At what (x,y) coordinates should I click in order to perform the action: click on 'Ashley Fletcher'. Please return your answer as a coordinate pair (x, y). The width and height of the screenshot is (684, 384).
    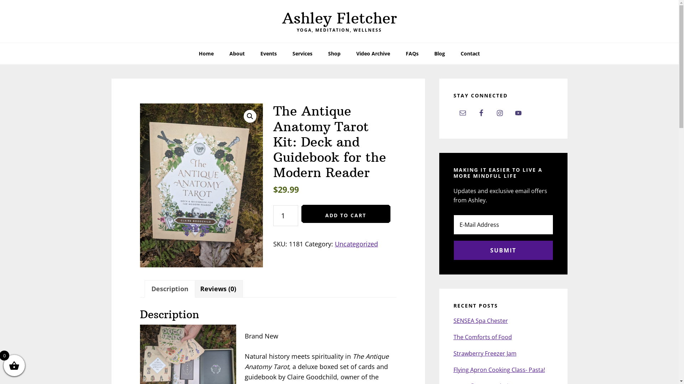
    Looking at the image, I should click on (339, 17).